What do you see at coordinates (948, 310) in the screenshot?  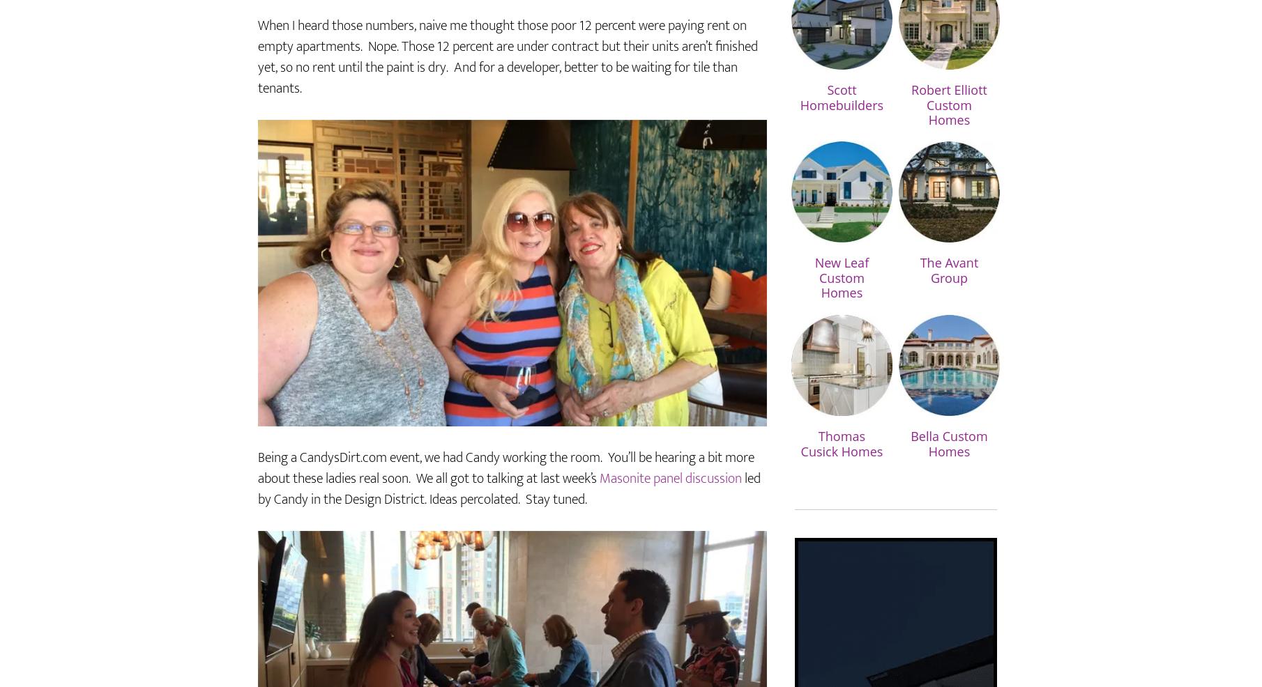 I see `'The Avant Group'` at bounding box center [948, 310].